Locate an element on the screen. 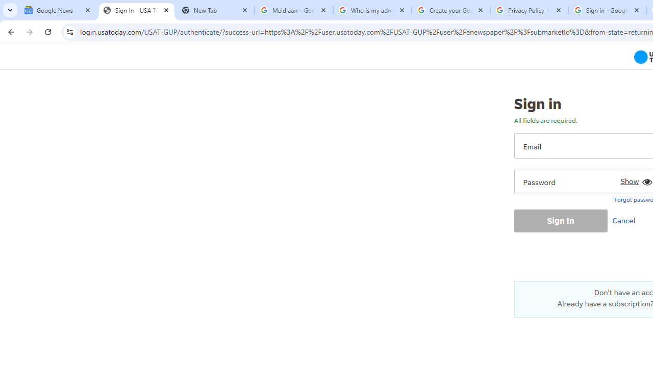  'Sign in - Google Accounts' is located at coordinates (607, 10).